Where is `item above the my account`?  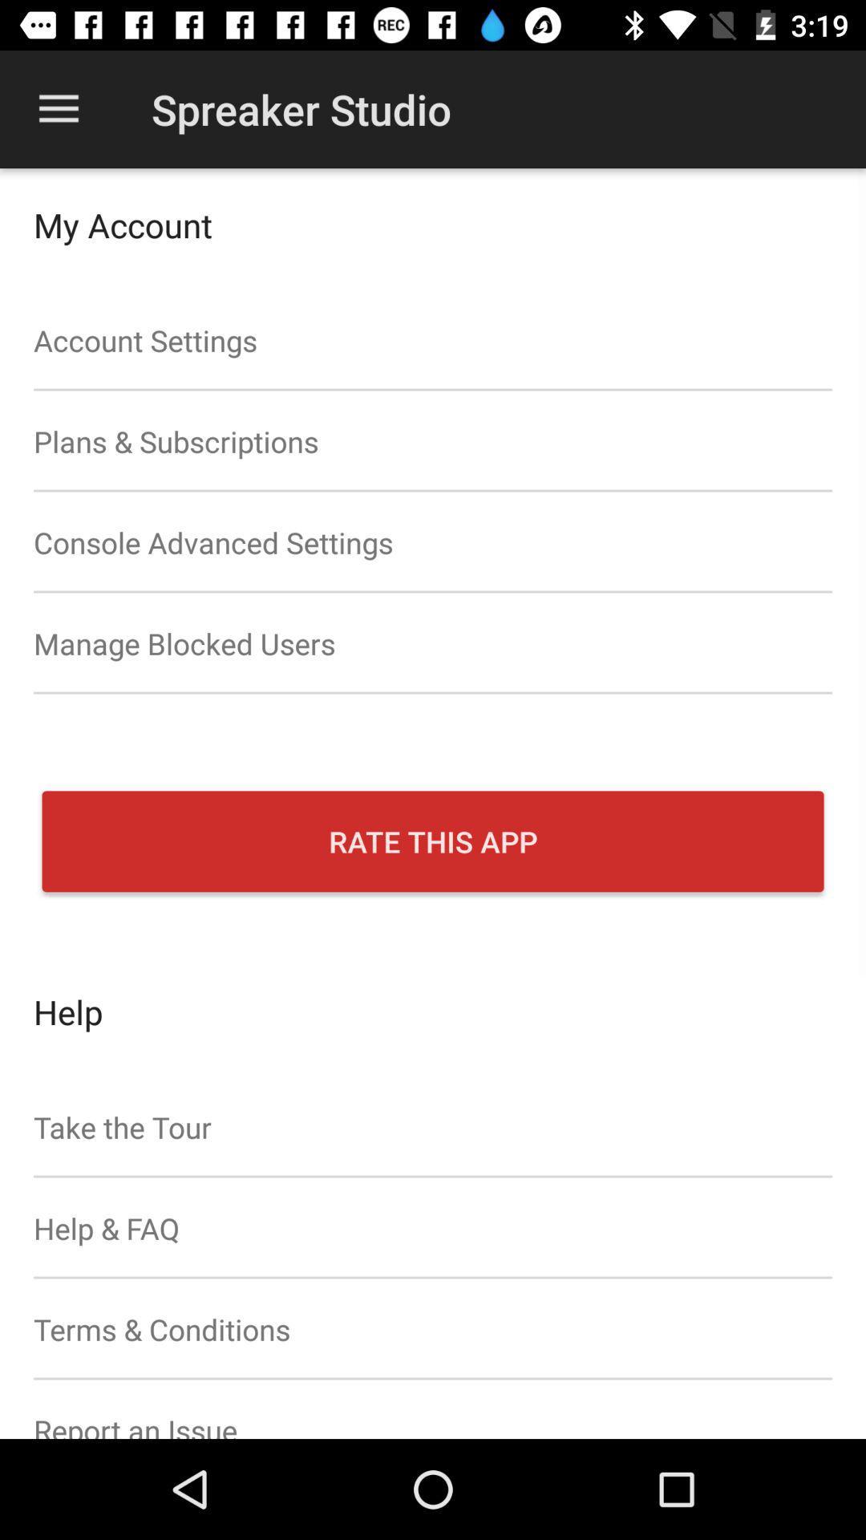
item above the my account is located at coordinates (58, 108).